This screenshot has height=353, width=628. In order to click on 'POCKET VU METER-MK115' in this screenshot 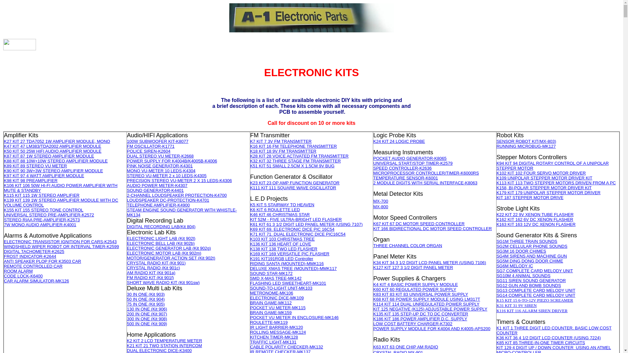, I will do `click(278, 308)`.